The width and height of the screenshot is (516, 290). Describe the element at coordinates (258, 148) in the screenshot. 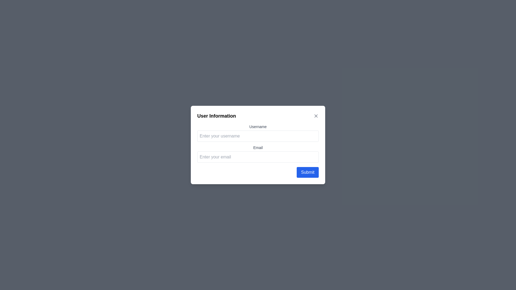

I see `the label that indicates the purpose of the input field for entering an email address, which is centrally positioned in the modal dialog box, located beneath the 'Username' label and above the 'Enter your email' input box` at that location.